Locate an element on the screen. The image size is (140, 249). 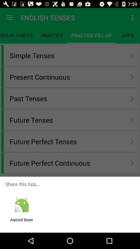
android beam icon is located at coordinates (21, 222).